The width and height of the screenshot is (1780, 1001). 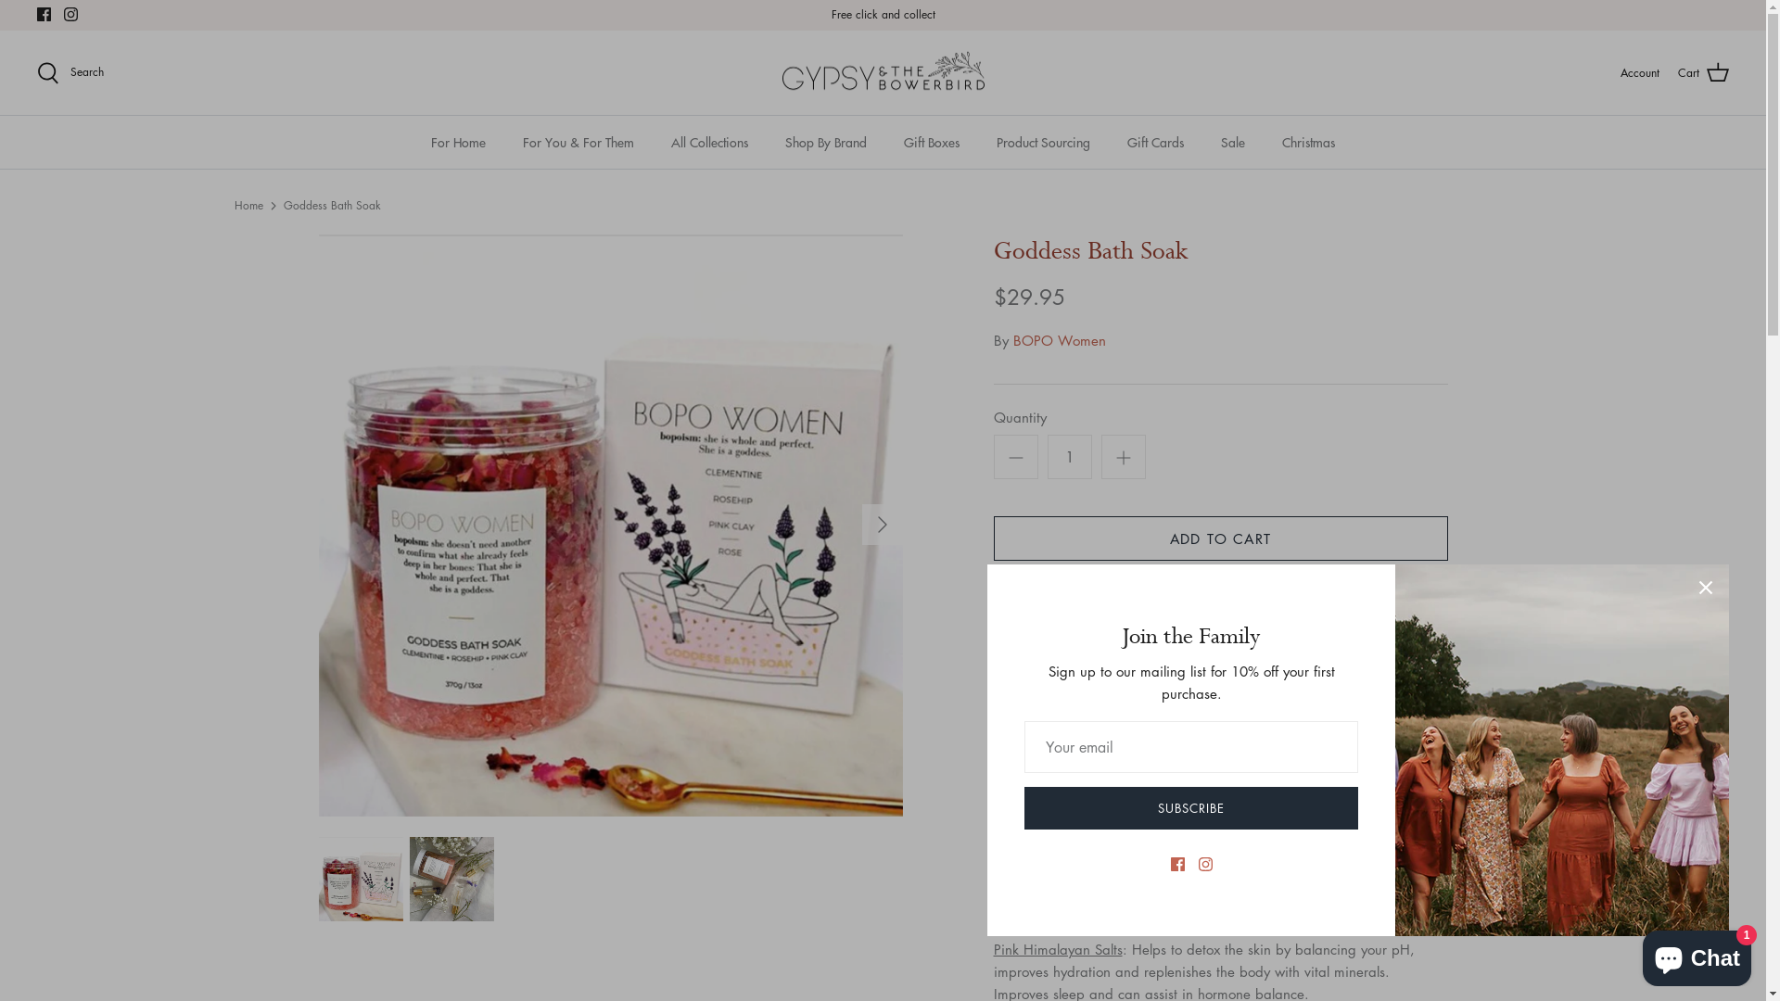 I want to click on 'All Collections', so click(x=654, y=141).